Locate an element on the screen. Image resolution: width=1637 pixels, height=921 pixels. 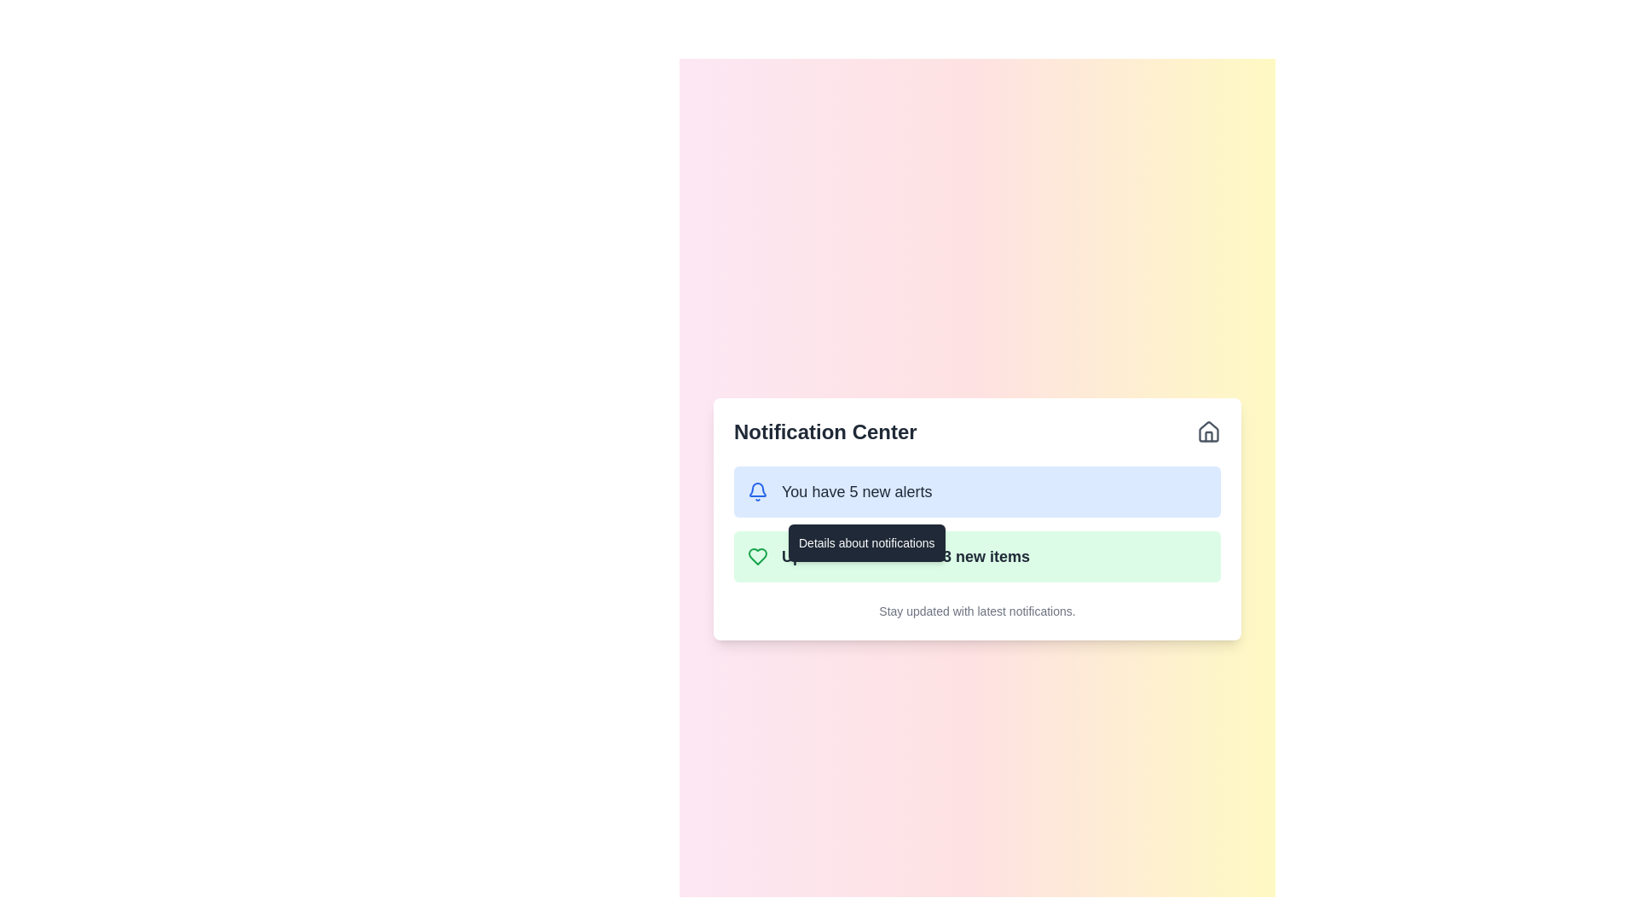
the text 'You have 5 new alerts' is located at coordinates (857, 492).